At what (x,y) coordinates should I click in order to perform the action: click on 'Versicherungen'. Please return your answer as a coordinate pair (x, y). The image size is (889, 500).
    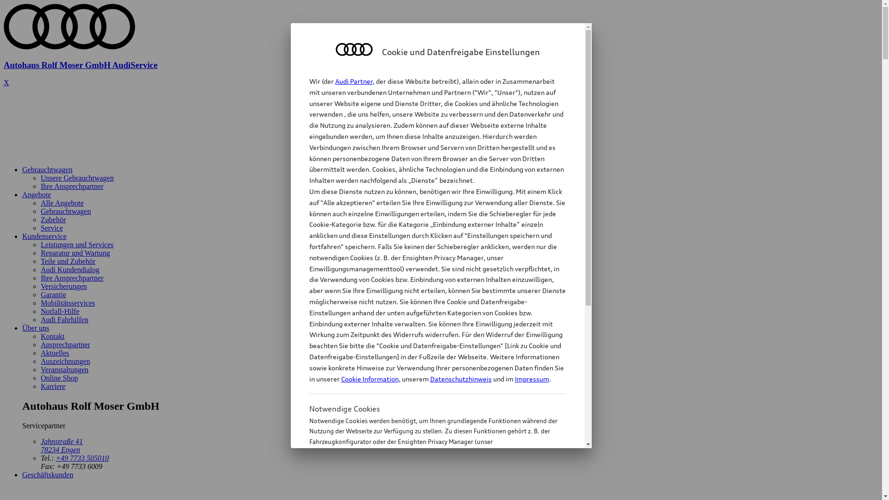
    Looking at the image, I should click on (63, 286).